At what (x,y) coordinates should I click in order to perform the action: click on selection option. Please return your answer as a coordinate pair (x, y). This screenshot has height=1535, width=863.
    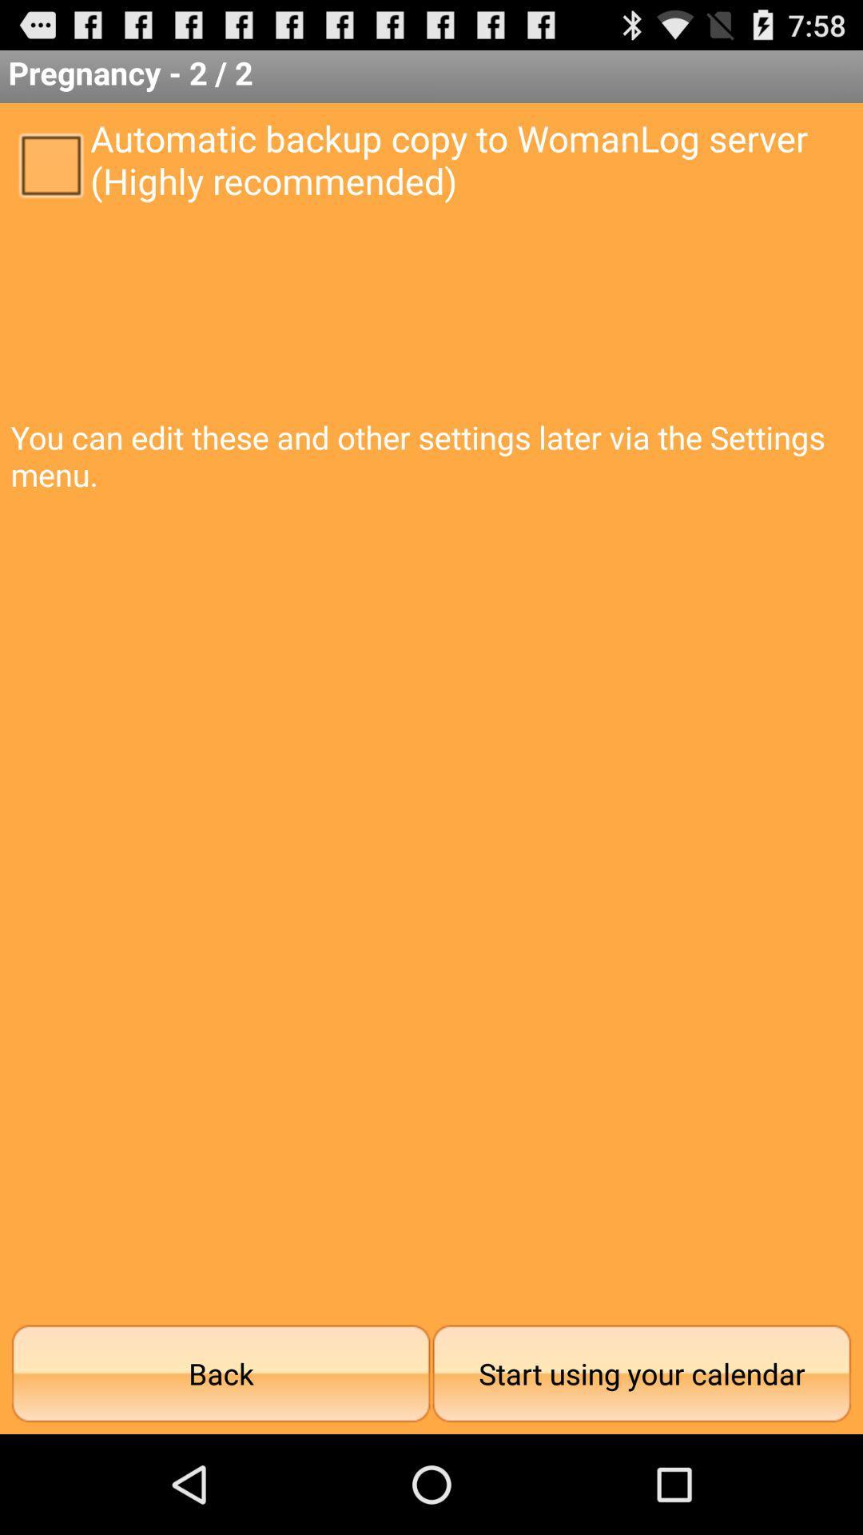
    Looking at the image, I should click on (50, 164).